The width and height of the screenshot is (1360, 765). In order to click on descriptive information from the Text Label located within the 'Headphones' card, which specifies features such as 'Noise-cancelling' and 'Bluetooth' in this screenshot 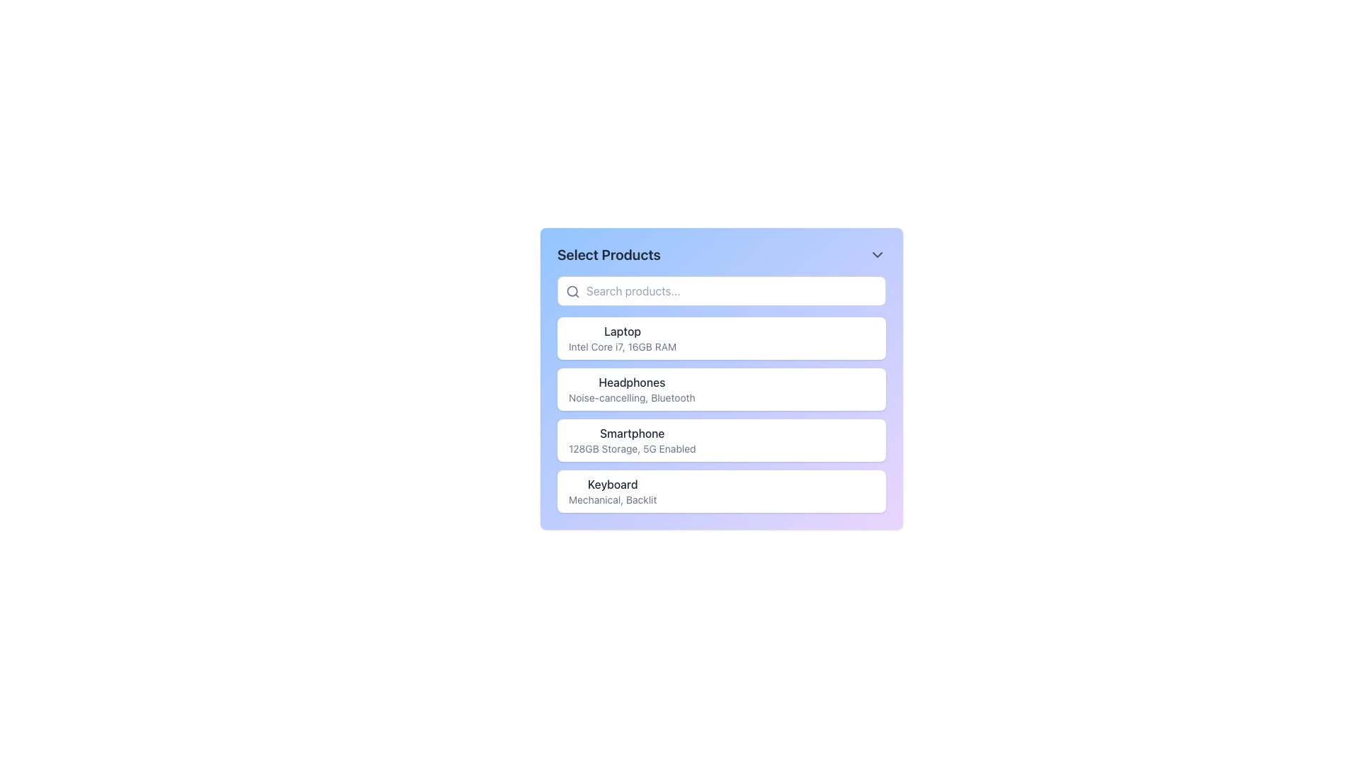, I will do `click(631, 398)`.